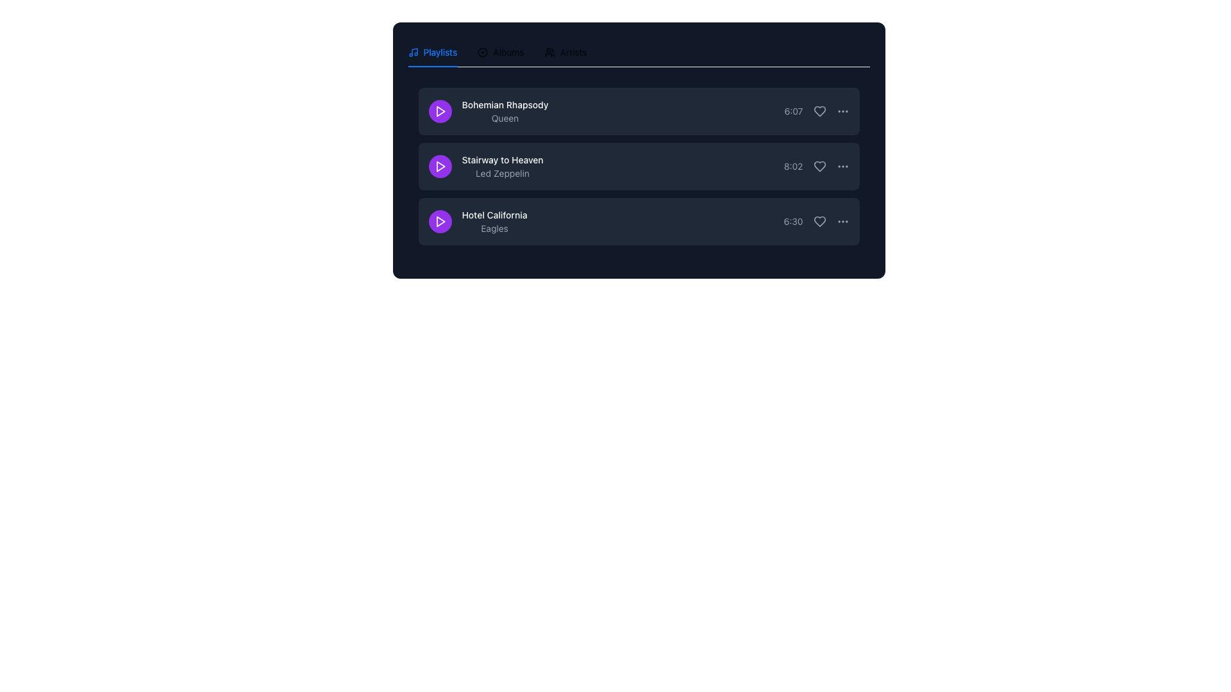 The width and height of the screenshot is (1231, 692). What do you see at coordinates (842, 221) in the screenshot?
I see `the horizontal ellipsis icon button located` at bounding box center [842, 221].